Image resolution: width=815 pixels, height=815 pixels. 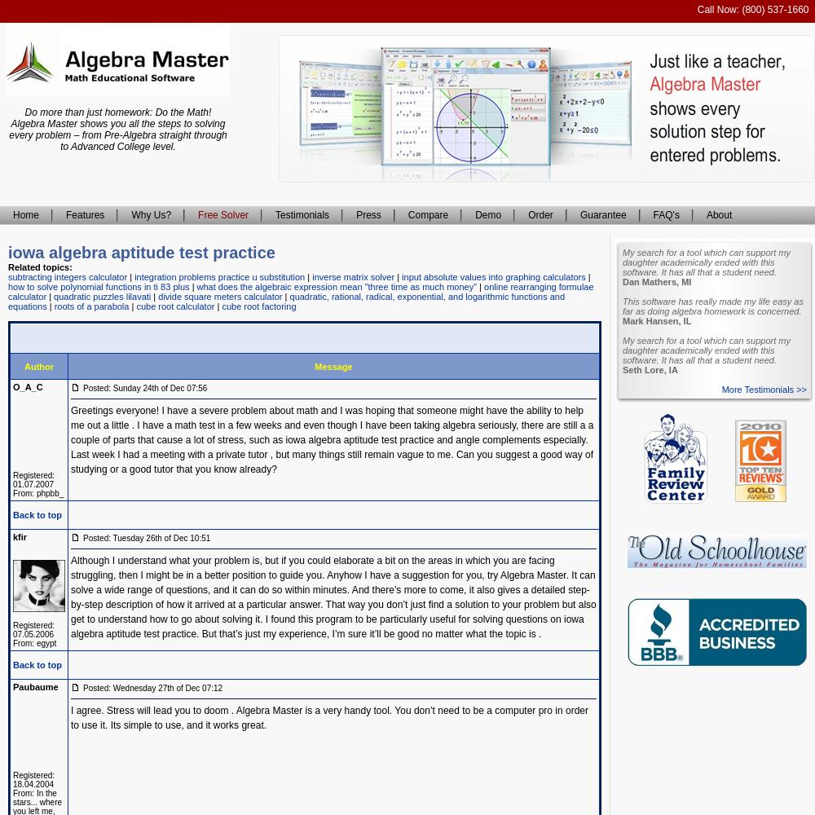 I want to click on 'Do more than just homework: Do the Math! Algebra Master shows you all the steps to solving every problem – from Pre-Algebra straight through to Advanced College level.', so click(x=117, y=130).